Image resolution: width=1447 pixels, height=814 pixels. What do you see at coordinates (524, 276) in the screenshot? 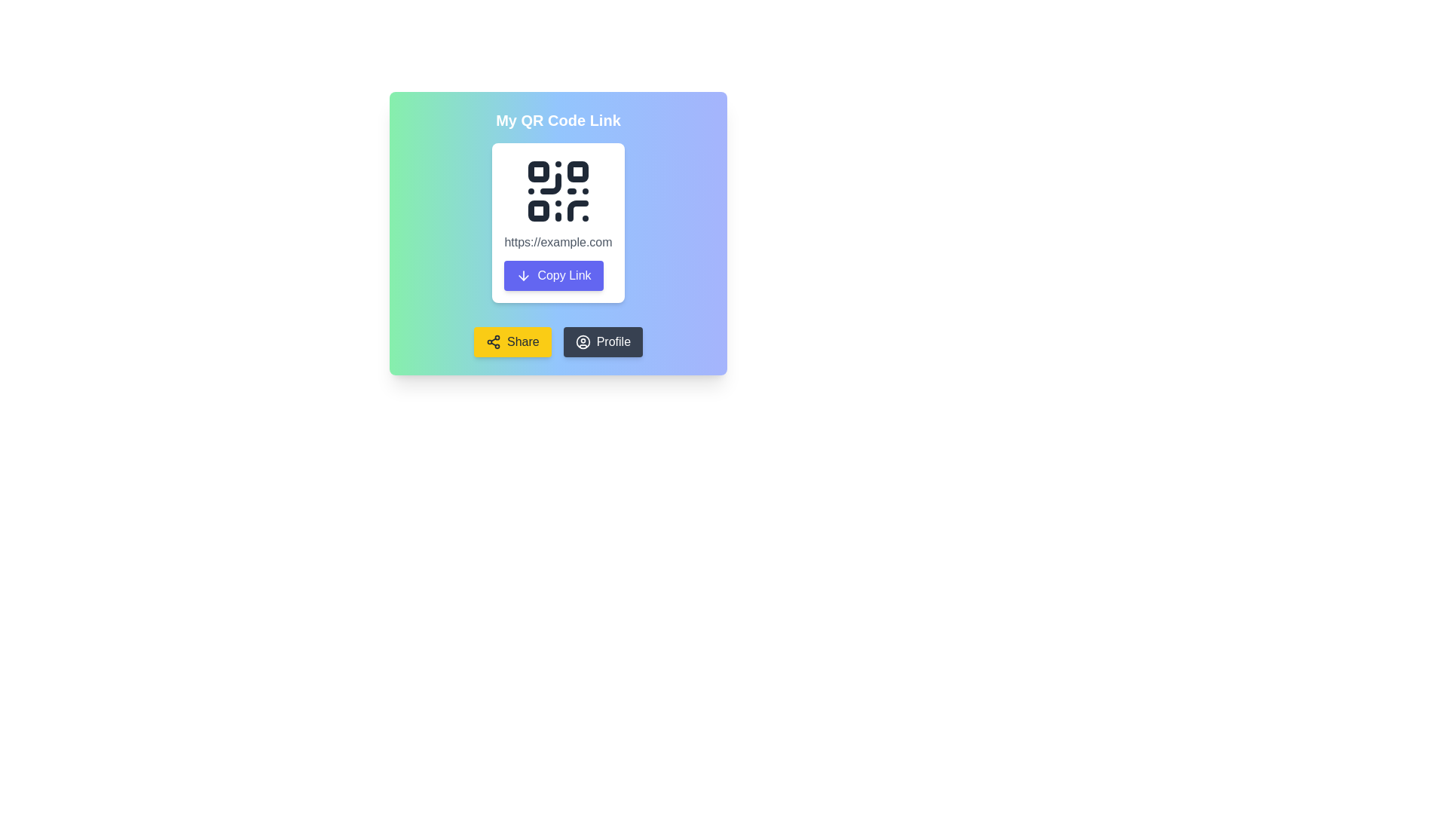
I see `the downward arrow icon on the 'Copy Link' button, which has a thin black outline and is positioned to the left of the button's text` at bounding box center [524, 276].